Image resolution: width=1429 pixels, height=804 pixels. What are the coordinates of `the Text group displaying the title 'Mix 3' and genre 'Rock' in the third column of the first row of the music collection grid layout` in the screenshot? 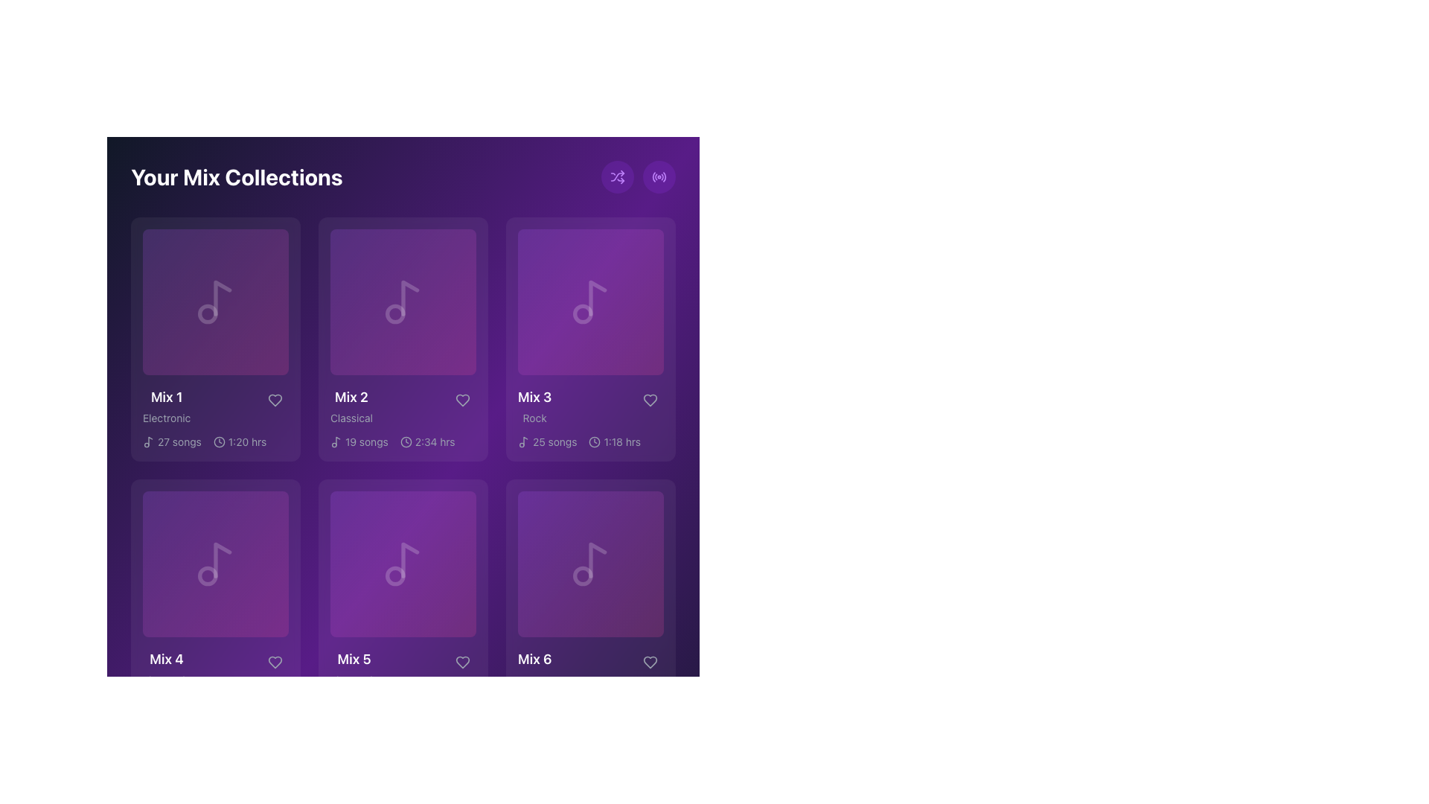 It's located at (534, 406).